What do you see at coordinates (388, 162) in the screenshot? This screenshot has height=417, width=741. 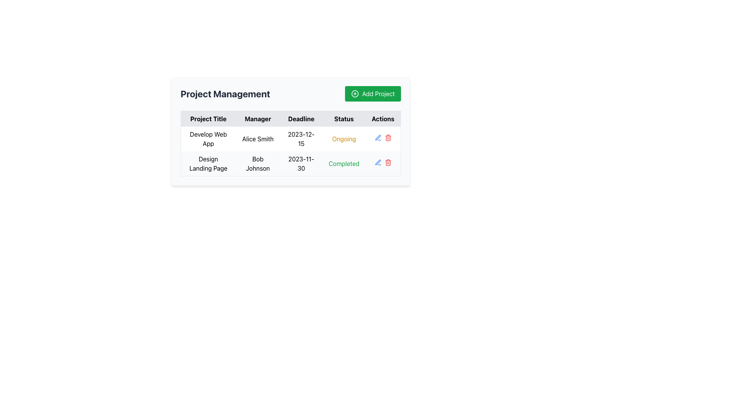 I see `the delete icon button located in the 'Actions' column of the second row of the table to observe the hover color change` at bounding box center [388, 162].